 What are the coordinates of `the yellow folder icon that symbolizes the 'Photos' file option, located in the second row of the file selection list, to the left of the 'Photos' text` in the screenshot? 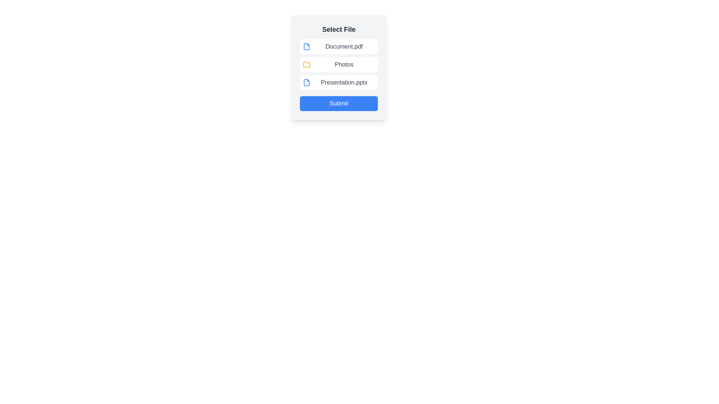 It's located at (307, 64).